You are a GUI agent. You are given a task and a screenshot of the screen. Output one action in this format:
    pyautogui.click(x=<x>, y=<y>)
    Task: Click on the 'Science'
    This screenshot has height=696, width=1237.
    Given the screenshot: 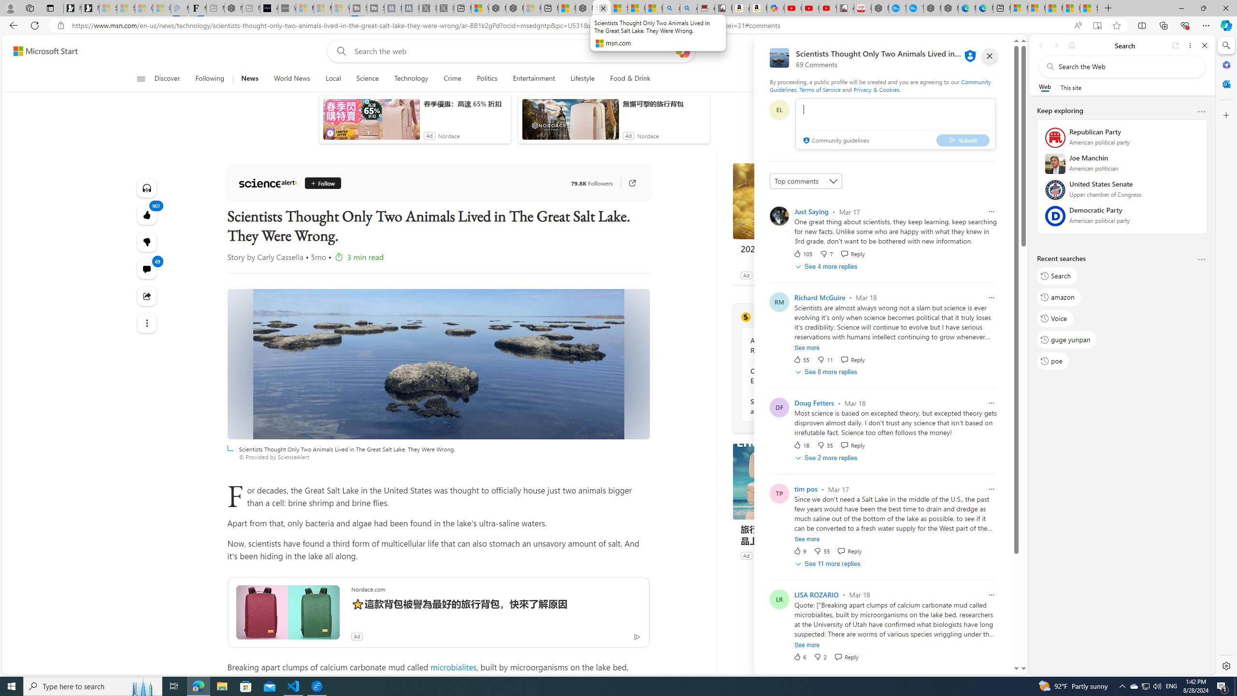 What is the action you would take?
    pyautogui.click(x=367, y=78)
    